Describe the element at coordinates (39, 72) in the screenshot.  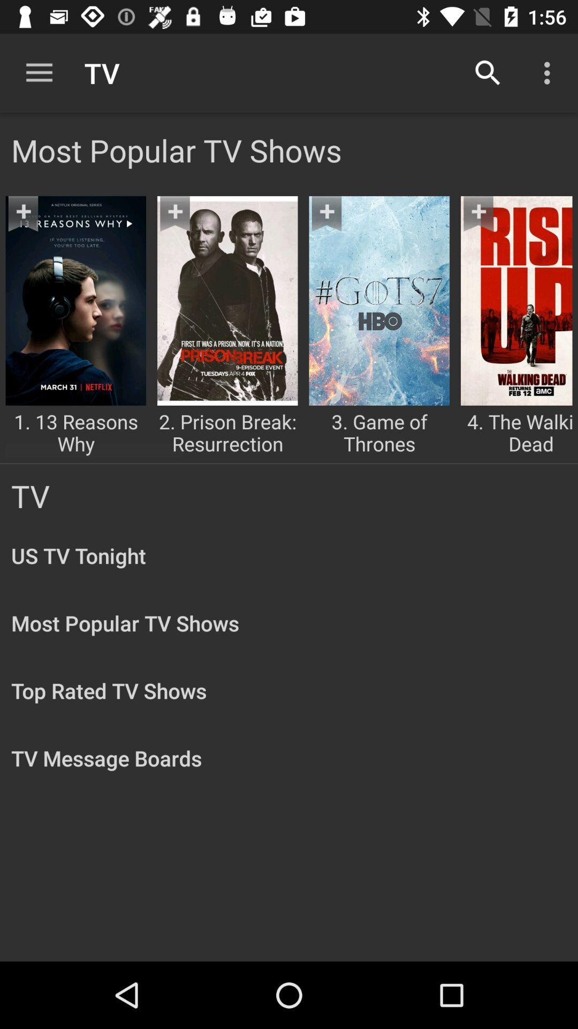
I see `item above most popular tv` at that location.